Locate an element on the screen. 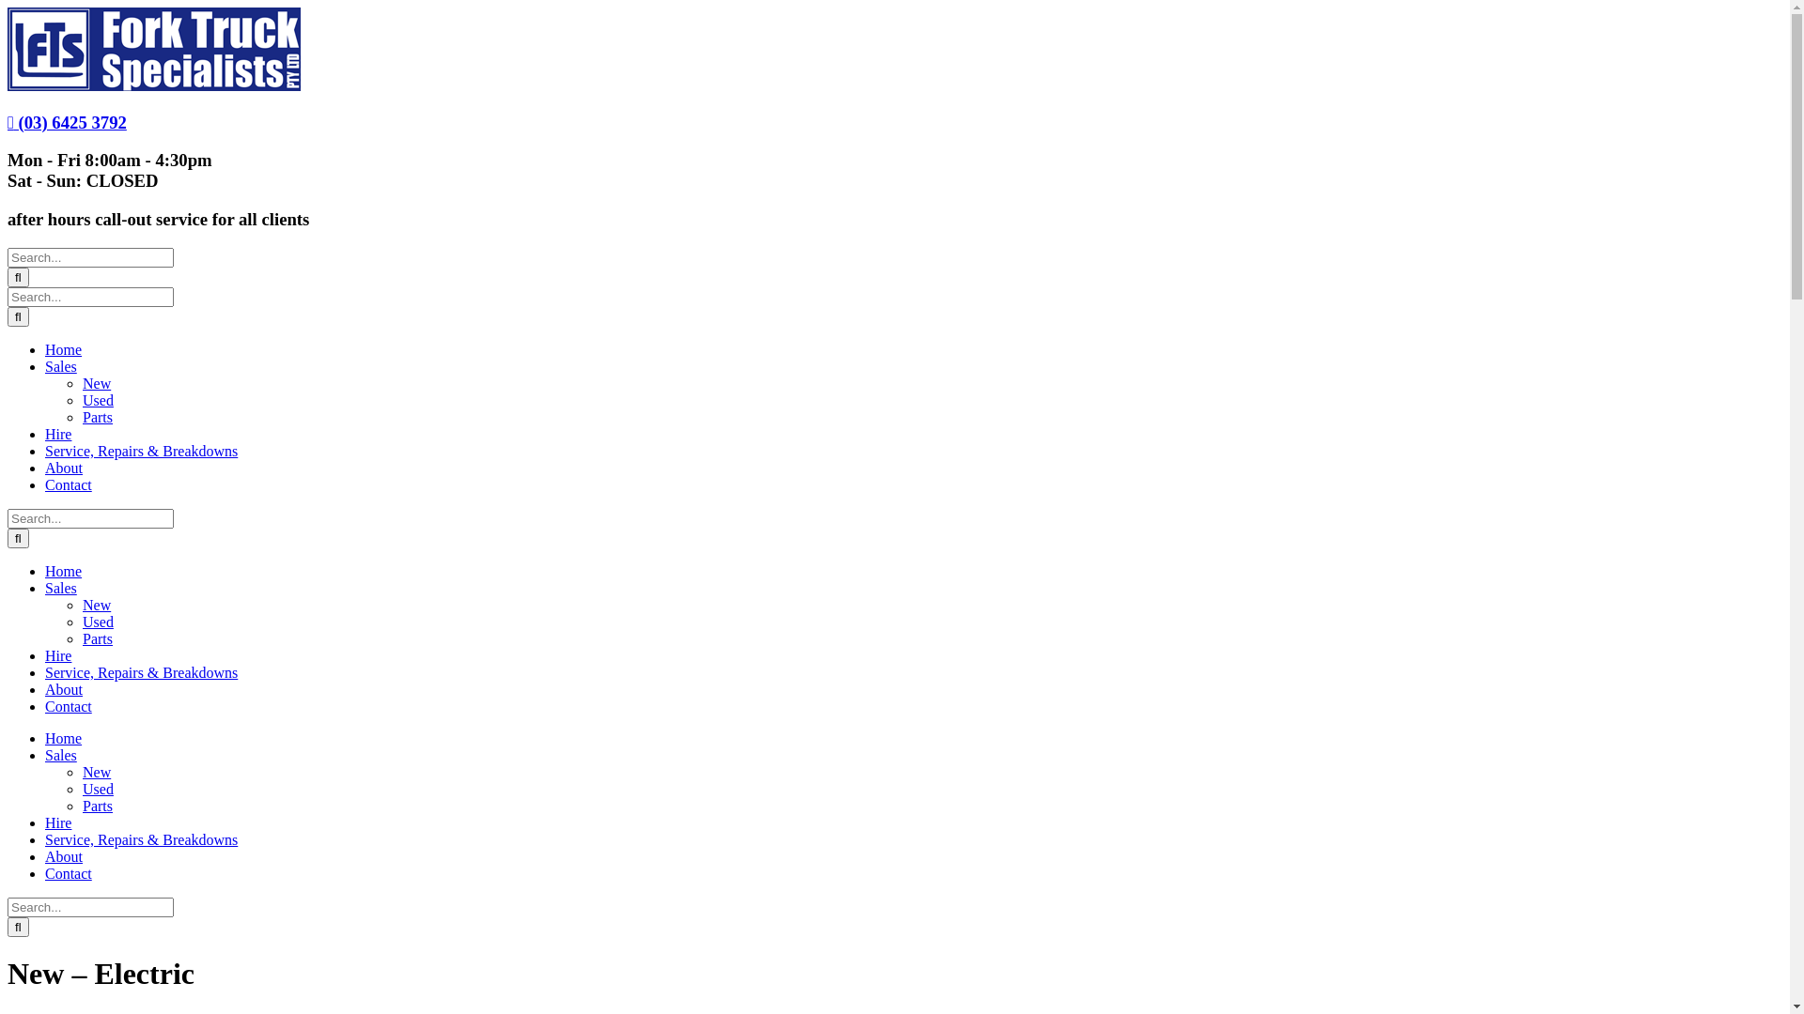  'Sales' is located at coordinates (61, 587).